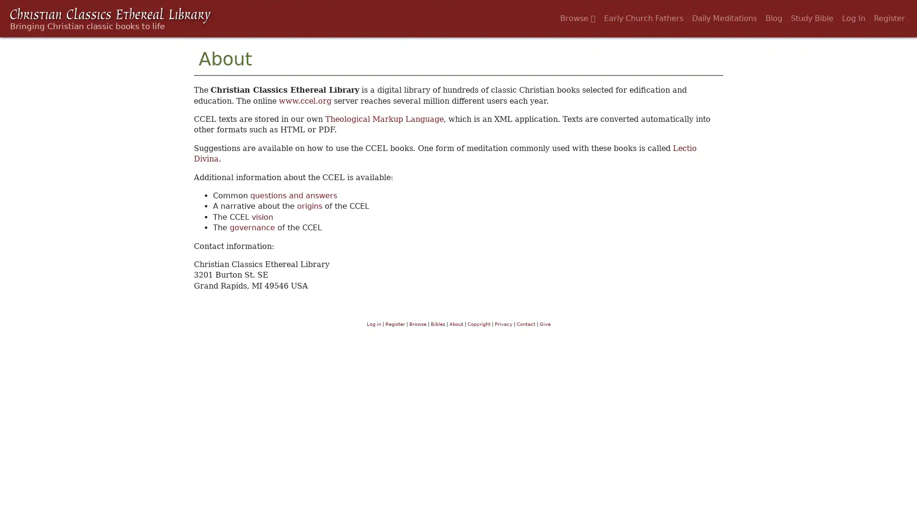 This screenshot has width=917, height=516. I want to click on Blog, so click(774, 18).